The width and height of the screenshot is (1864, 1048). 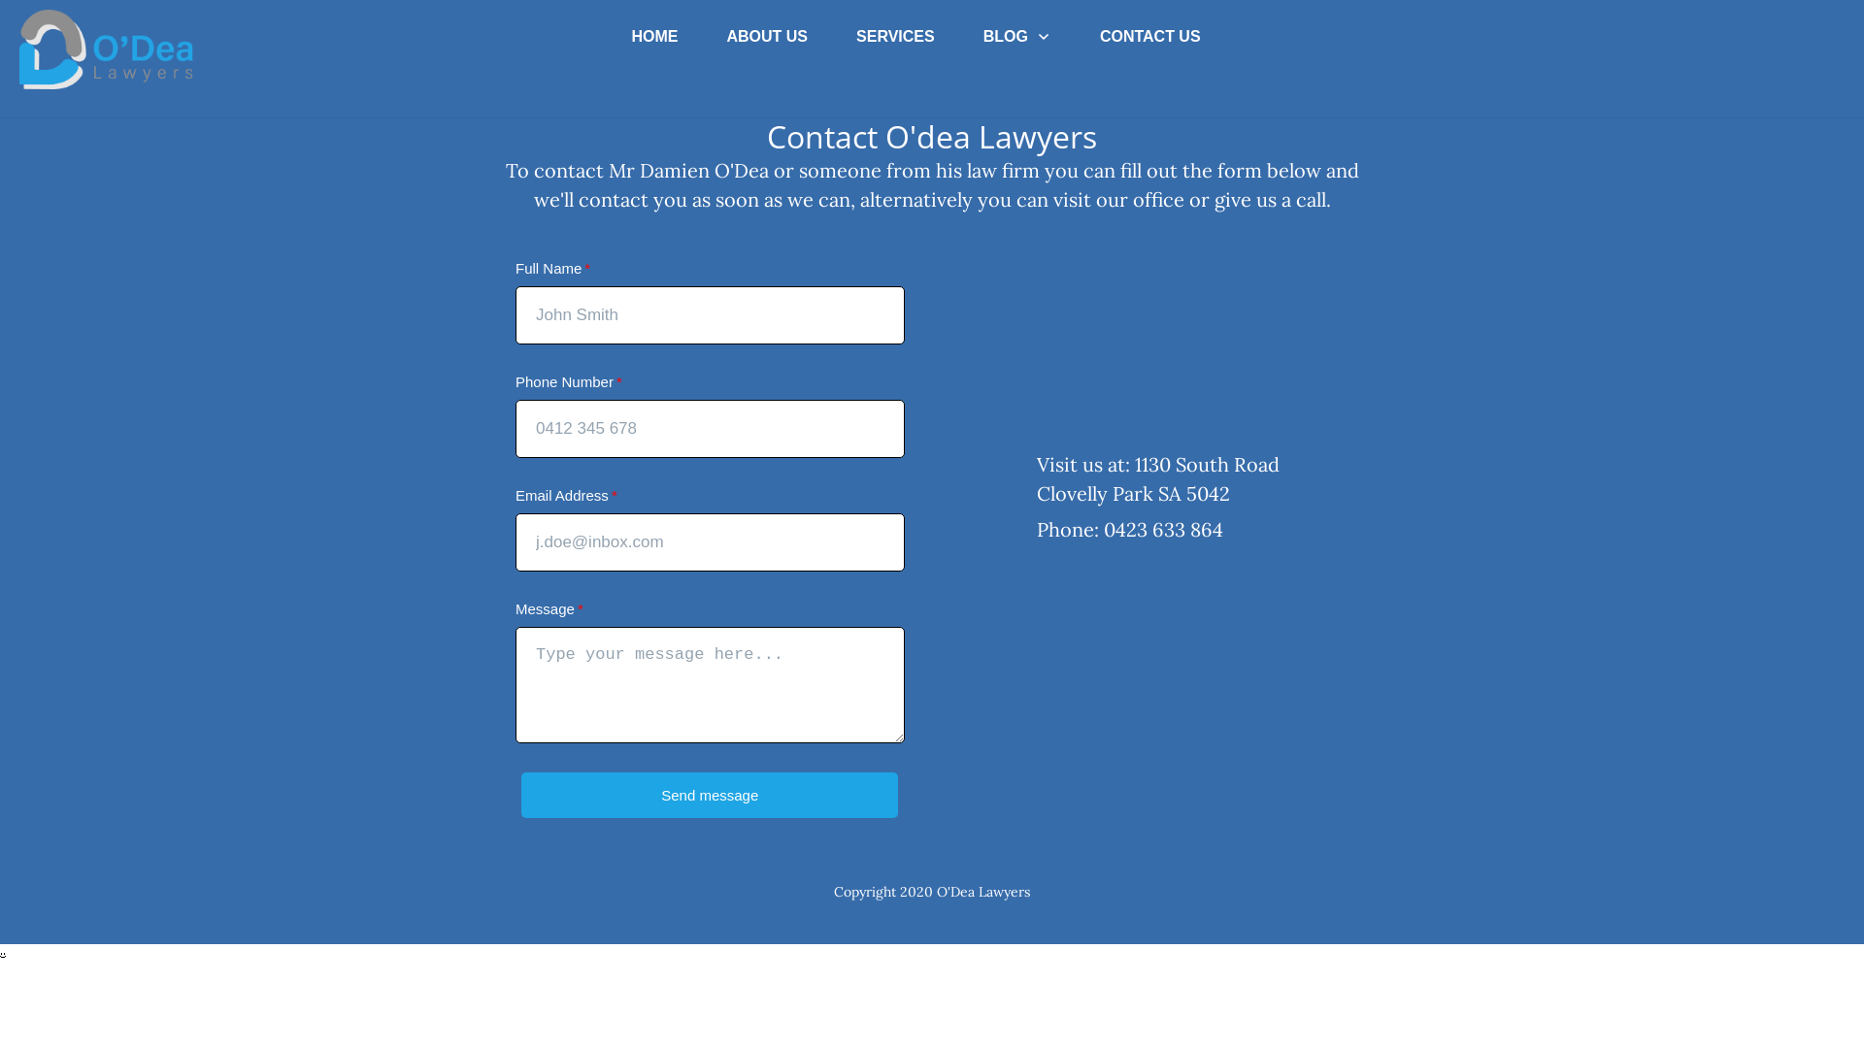 I want to click on '0423 633 864', so click(x=1162, y=529).